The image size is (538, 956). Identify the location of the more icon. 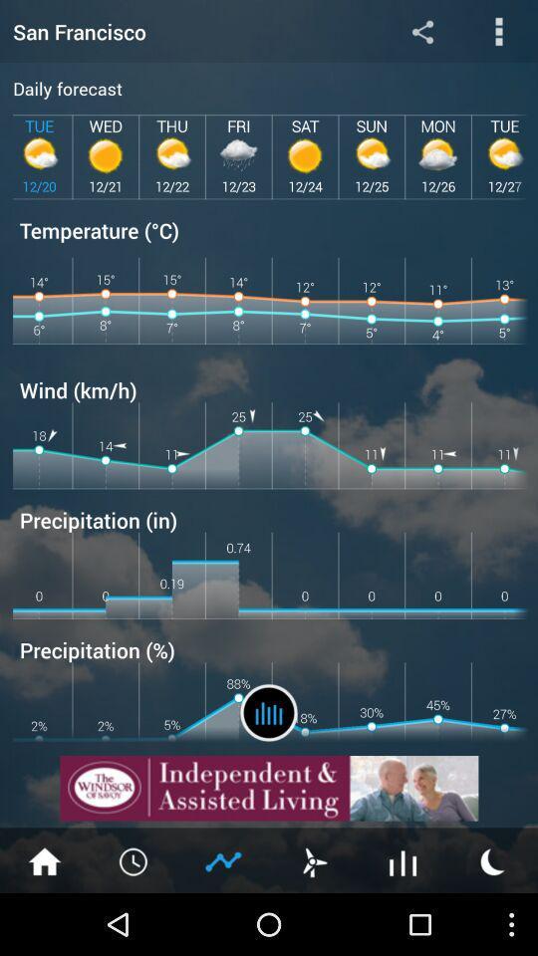
(498, 33).